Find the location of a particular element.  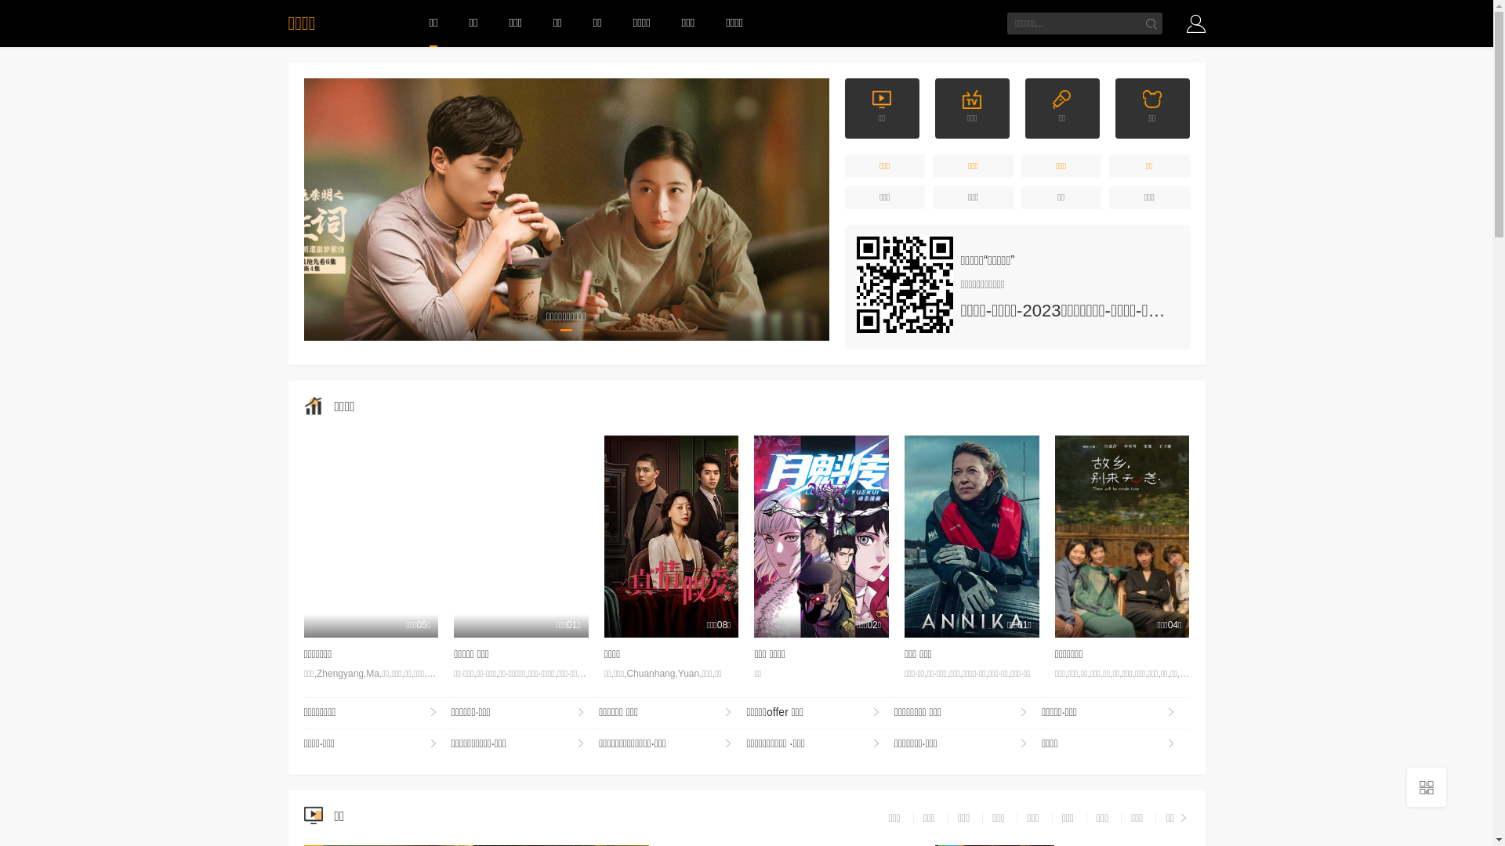

'http://xiaohuang.cc/' is located at coordinates (904, 284).